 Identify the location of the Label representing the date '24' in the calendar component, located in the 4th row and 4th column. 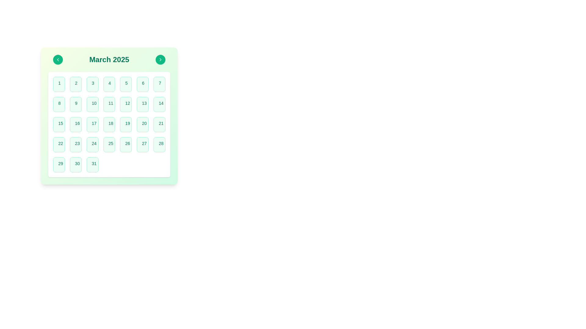
(94, 143).